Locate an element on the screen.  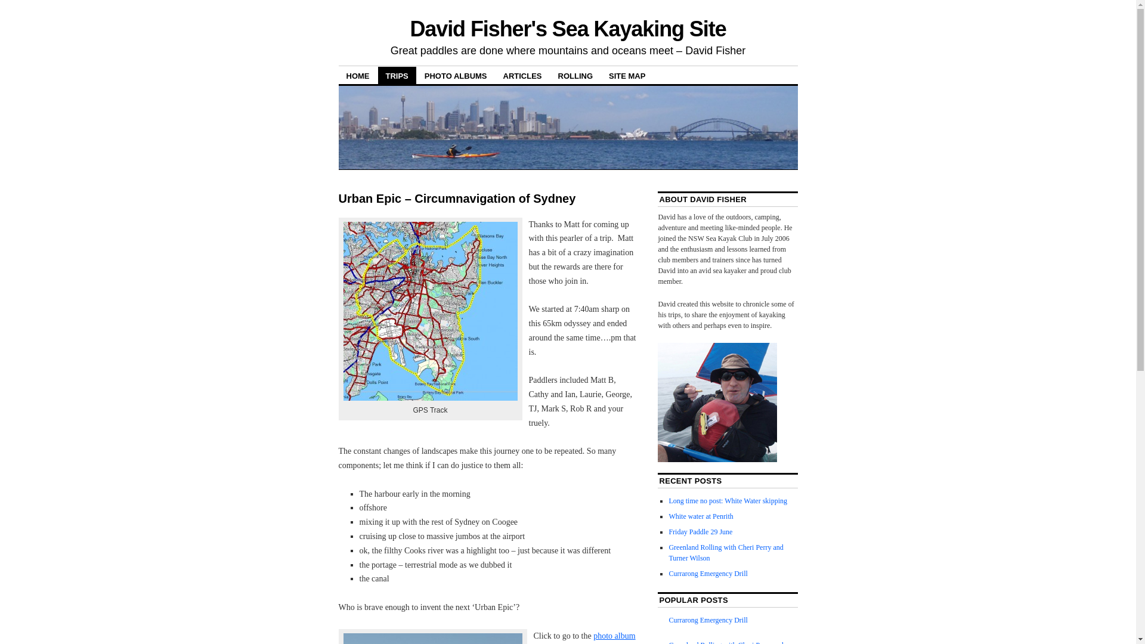
'TRIPS' is located at coordinates (397, 75).